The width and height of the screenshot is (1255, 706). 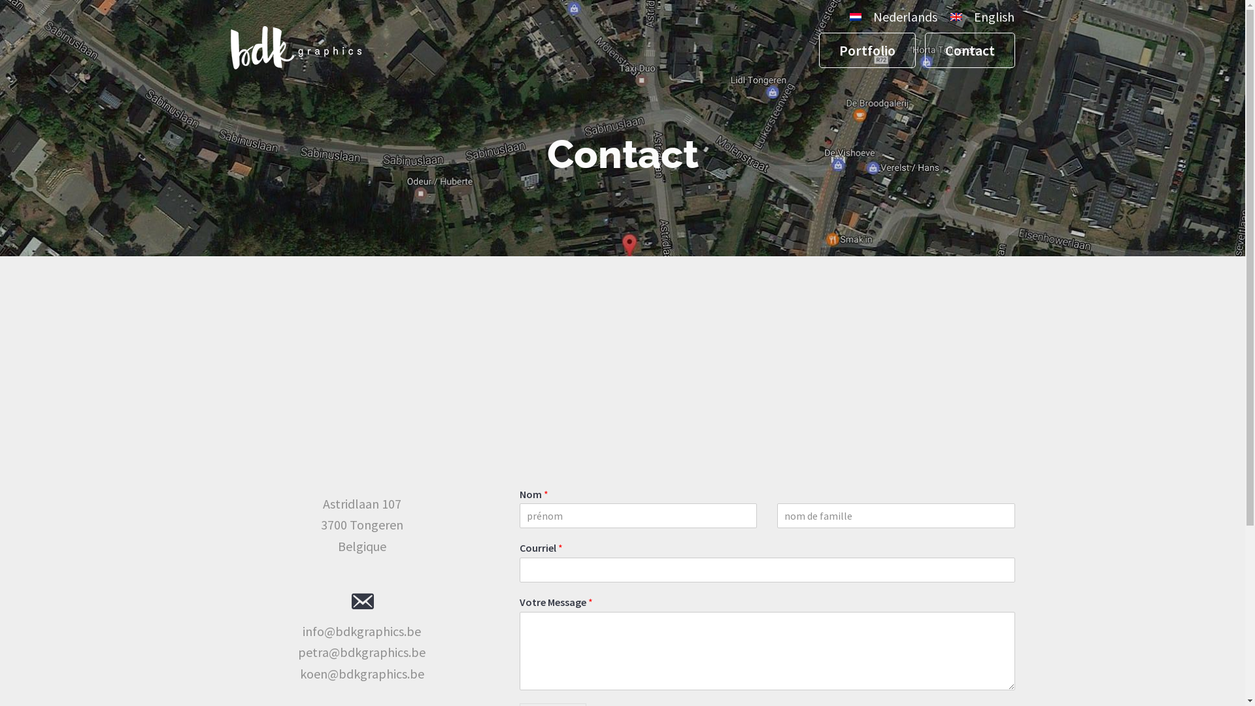 What do you see at coordinates (866, 50) in the screenshot?
I see `'Portfolio'` at bounding box center [866, 50].